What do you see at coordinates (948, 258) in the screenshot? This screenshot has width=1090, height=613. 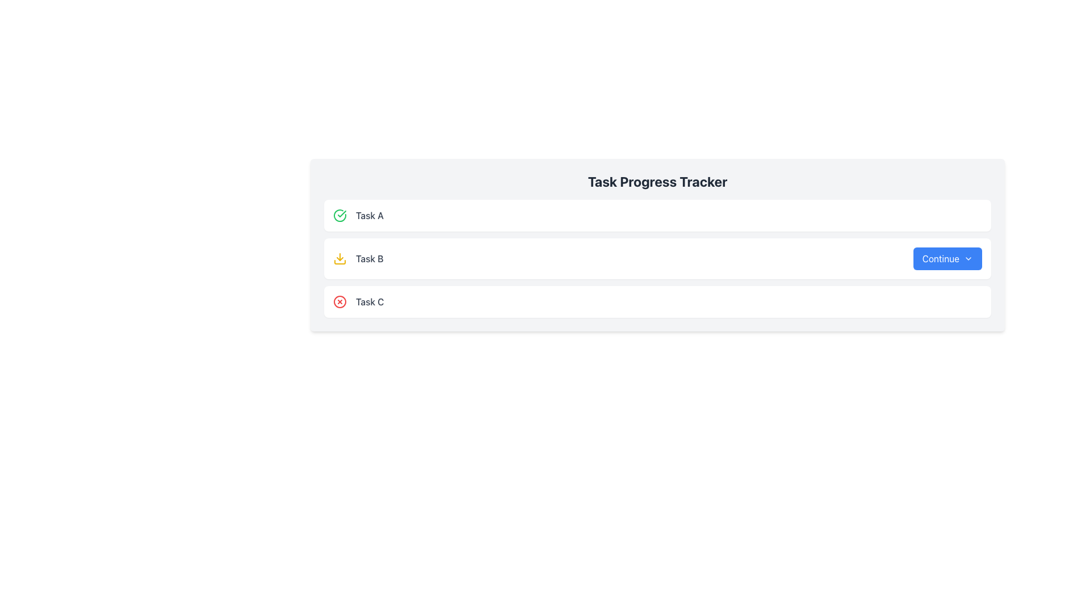 I see `the 'Continue' button with a blue background and white text located at the right end of the 'Task B' row` at bounding box center [948, 258].